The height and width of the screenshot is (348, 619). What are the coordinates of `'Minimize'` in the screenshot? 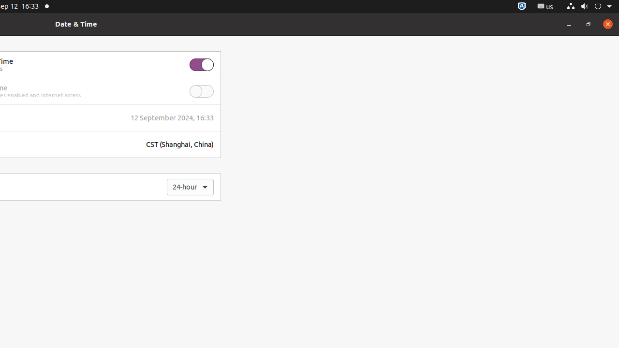 It's located at (569, 23).